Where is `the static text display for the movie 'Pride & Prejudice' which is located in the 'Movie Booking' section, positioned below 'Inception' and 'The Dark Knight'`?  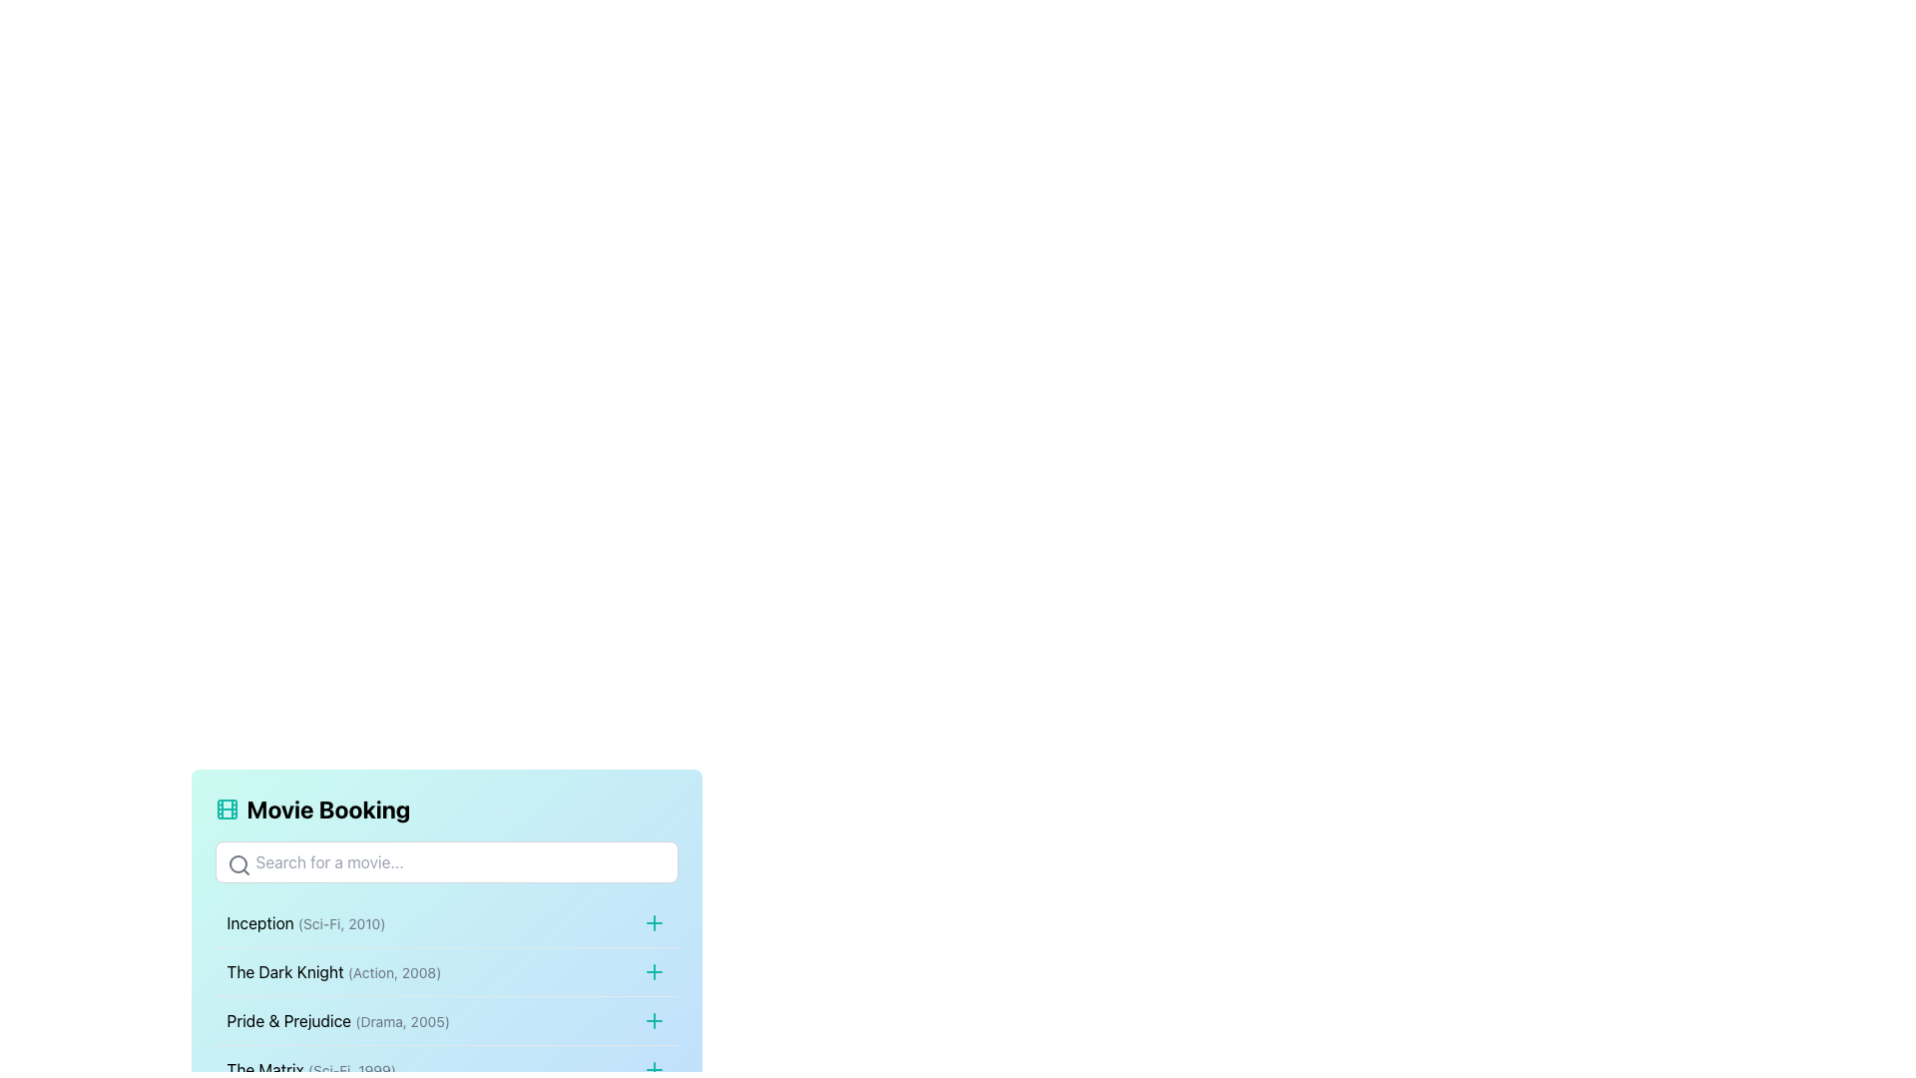 the static text display for the movie 'Pride & Prejudice' which is located in the 'Movie Booking' section, positioned below 'Inception' and 'The Dark Knight' is located at coordinates (338, 1020).